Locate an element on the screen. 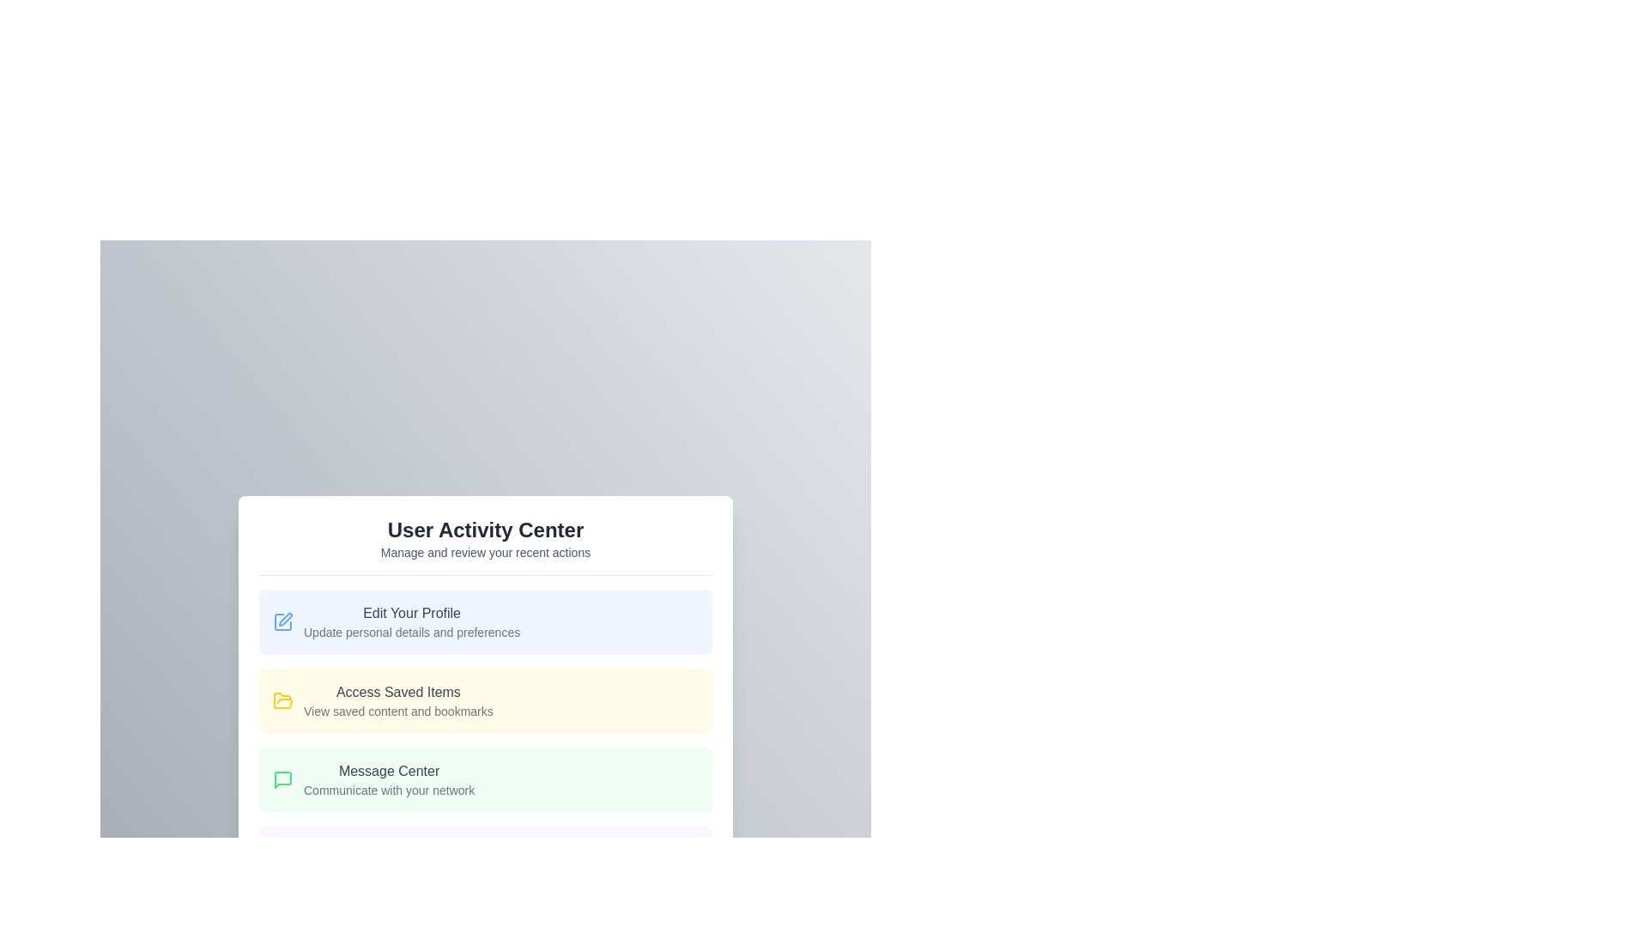 The width and height of the screenshot is (1648, 927). informative text block about the 'Message Center' feature, which is located in the third row of the 'User Activity Center' list, below the 'Access Saved Items' card is located at coordinates (388, 779).